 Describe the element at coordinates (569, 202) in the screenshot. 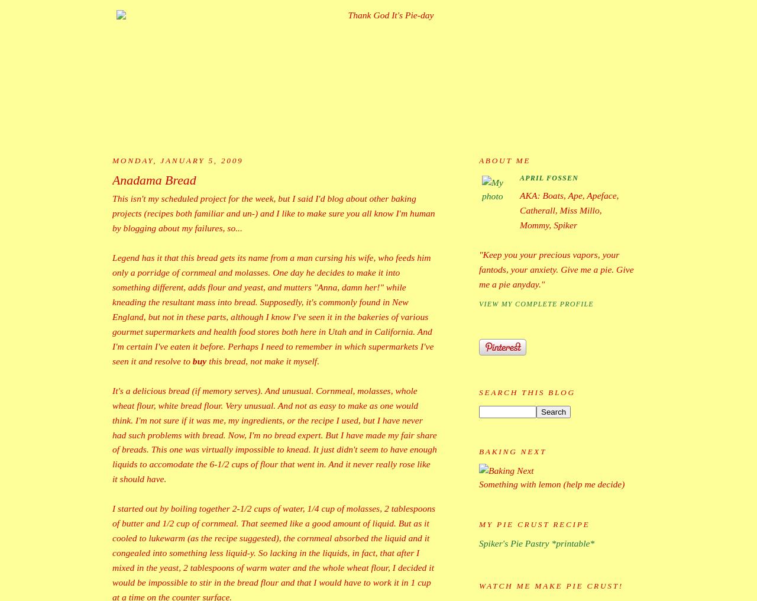

I see `'AKA:
Boats, Ape, Apeface, Catherall, Miss Millo,'` at that location.